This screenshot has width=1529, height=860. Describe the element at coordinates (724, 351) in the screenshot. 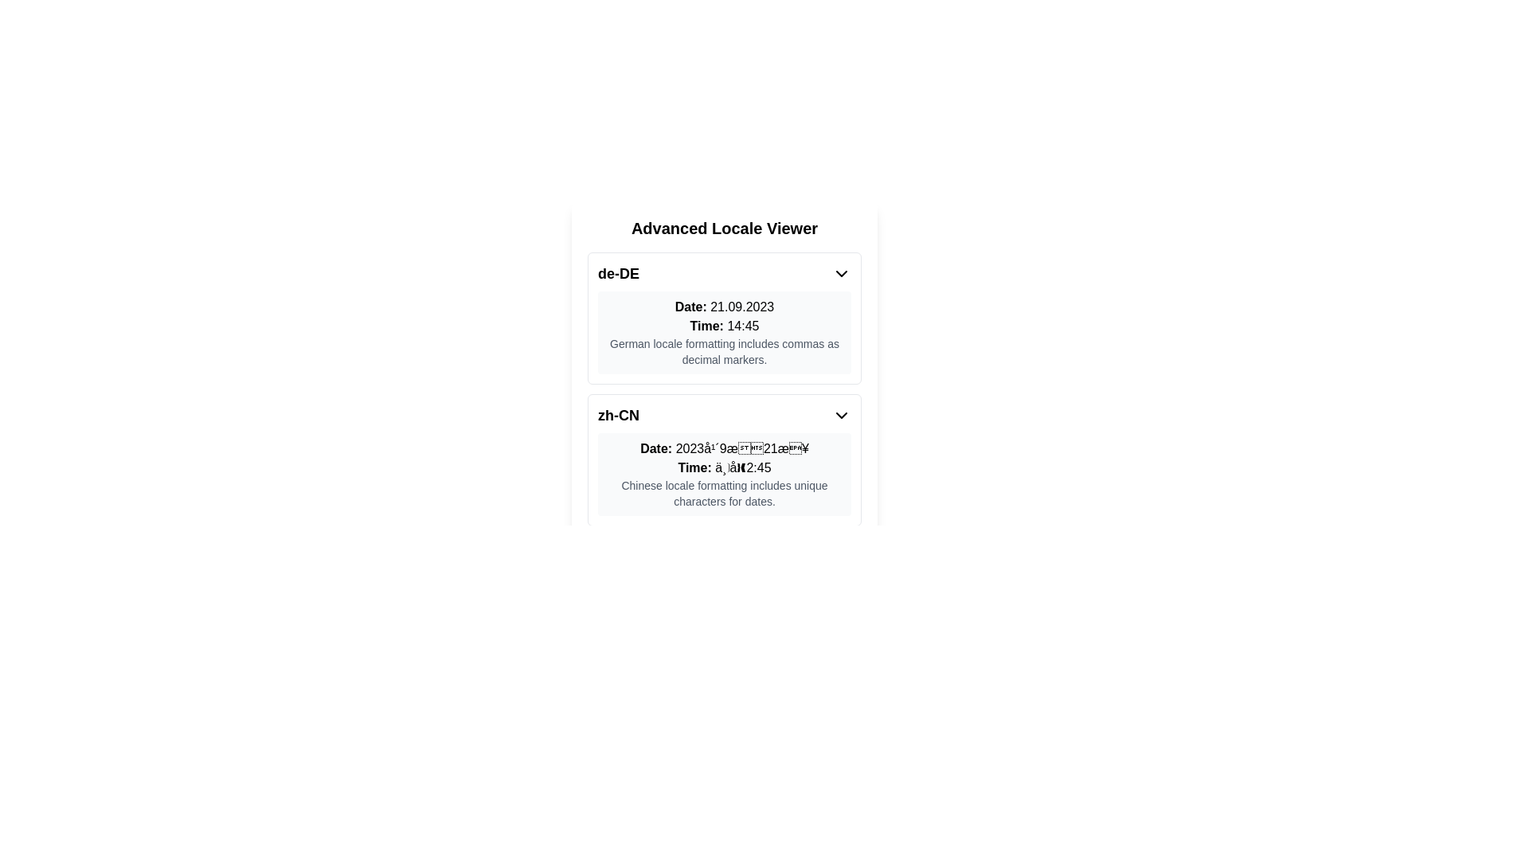

I see `the text label stating 'German locale formatting includes commas as decimal markers', which is styled in a smaller gray font and located beneath the 'Date:' and 'Time:' information` at that location.